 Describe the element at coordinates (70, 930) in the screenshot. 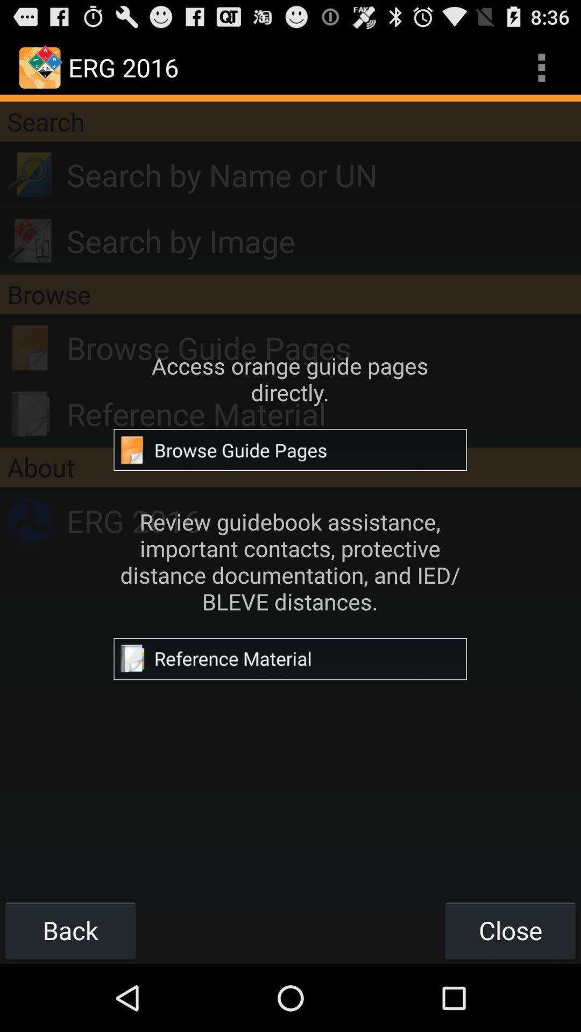

I see `the back button` at that location.